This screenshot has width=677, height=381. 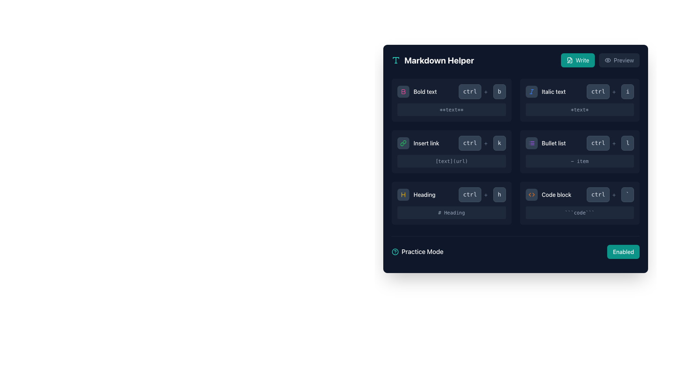 What do you see at coordinates (614, 194) in the screenshot?
I see `the Text Label indicating the addition of a key following the 'ctrl' key, which is visually represented as 'ctrl +'` at bounding box center [614, 194].